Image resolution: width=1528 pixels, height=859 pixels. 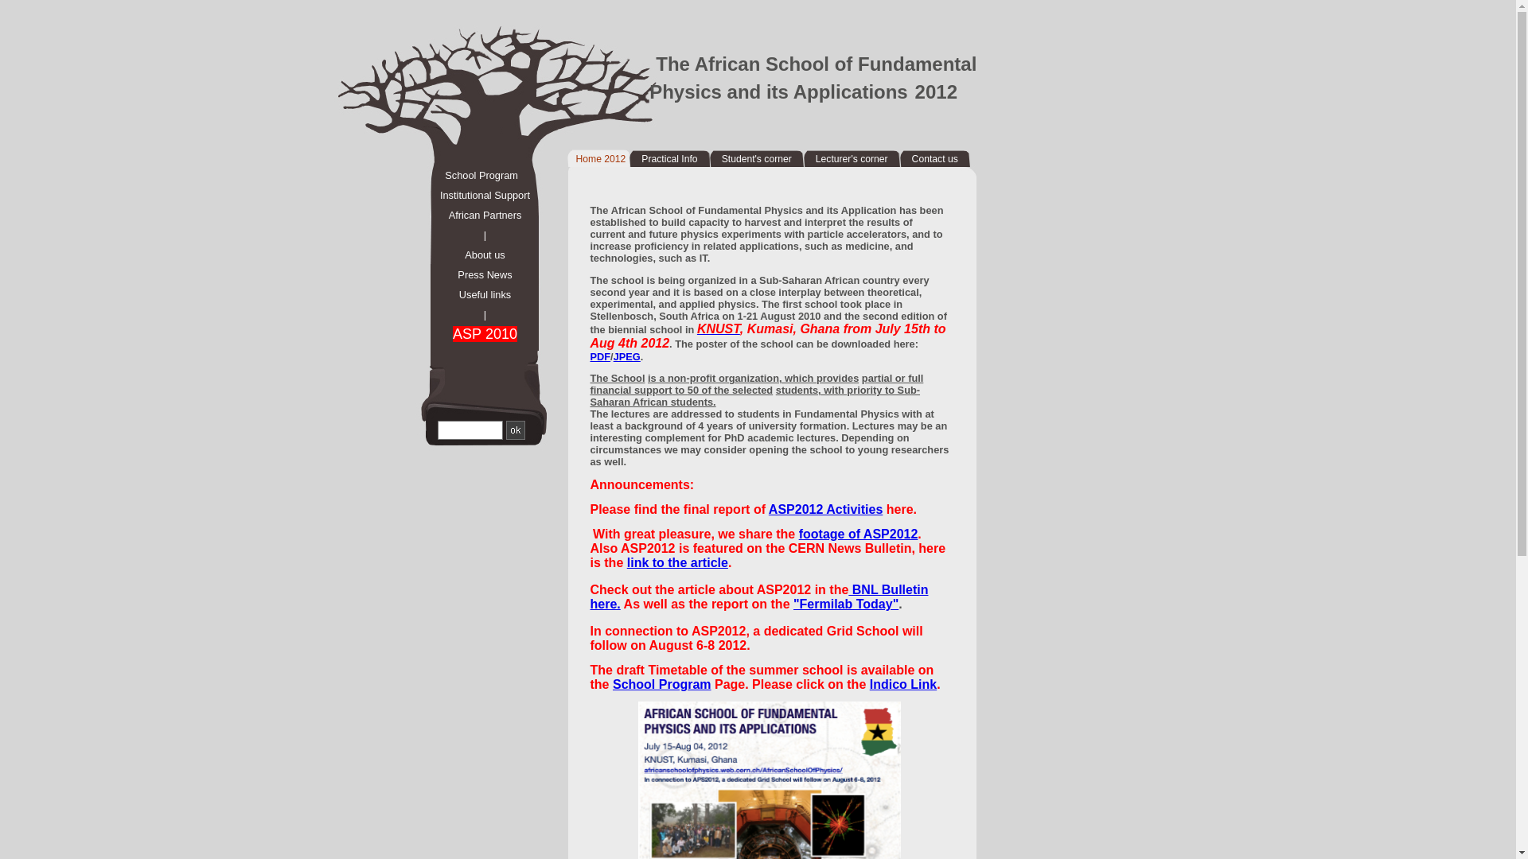 I want to click on 'Contact us', so click(x=900, y=159).